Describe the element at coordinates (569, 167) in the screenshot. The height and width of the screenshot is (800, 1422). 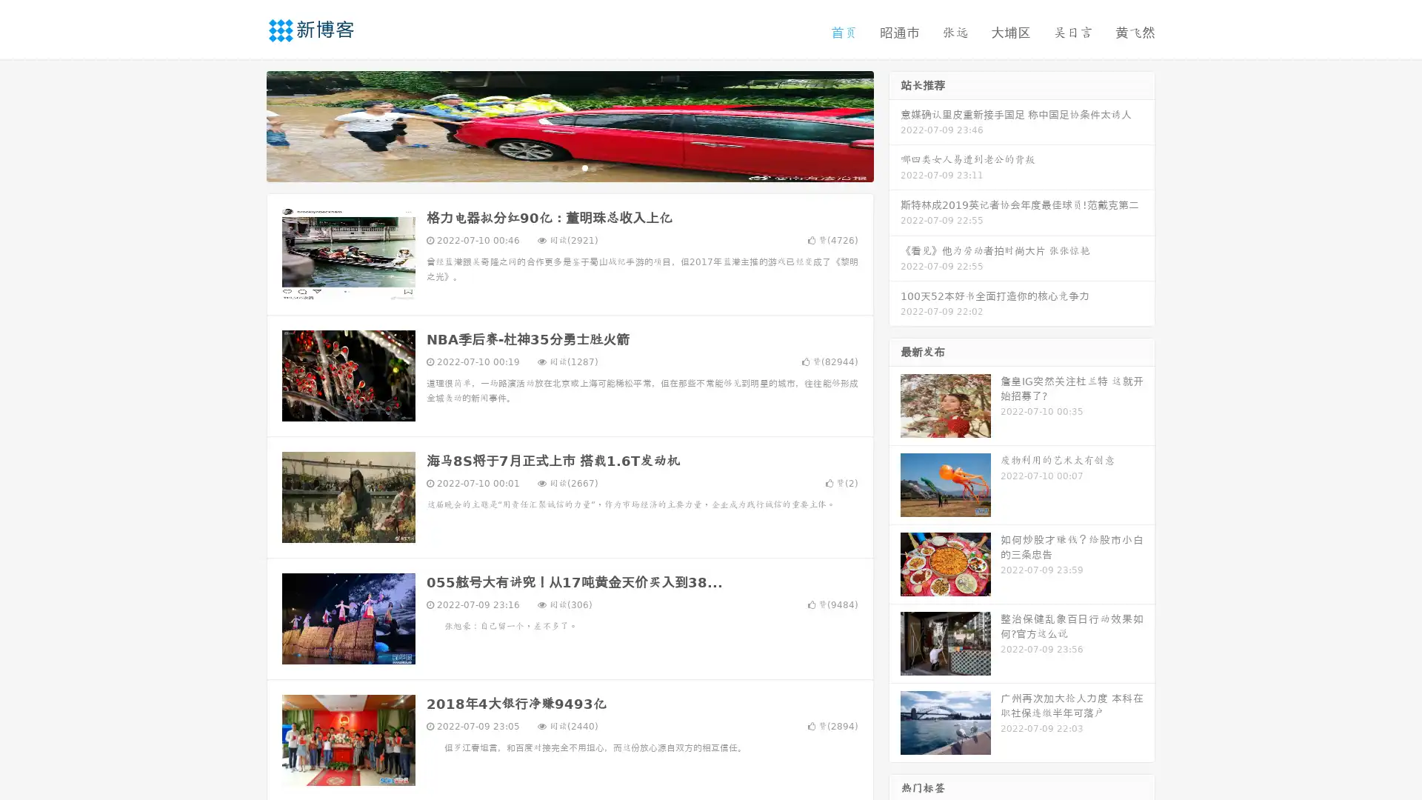
I see `Go to slide 2` at that location.